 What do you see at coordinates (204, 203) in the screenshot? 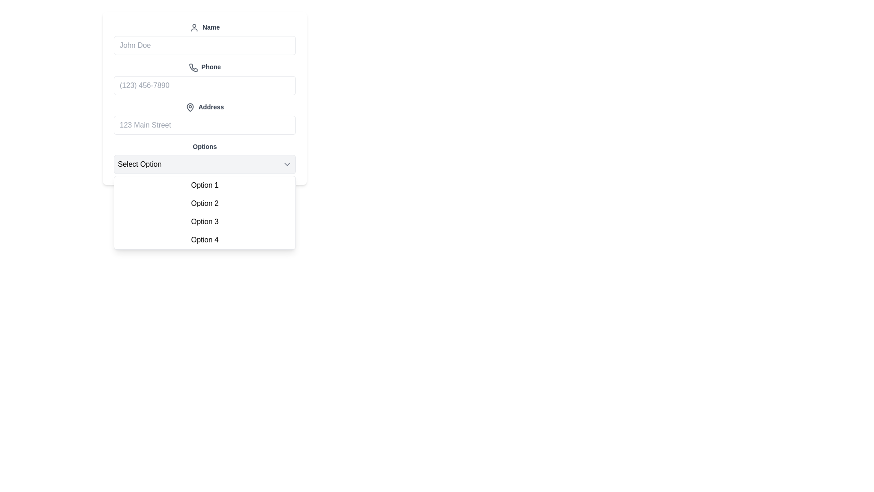
I see `the text item displaying 'Option 2' within the dropdown list, which is styled with hover effects and appears as the second option in the list` at bounding box center [204, 203].